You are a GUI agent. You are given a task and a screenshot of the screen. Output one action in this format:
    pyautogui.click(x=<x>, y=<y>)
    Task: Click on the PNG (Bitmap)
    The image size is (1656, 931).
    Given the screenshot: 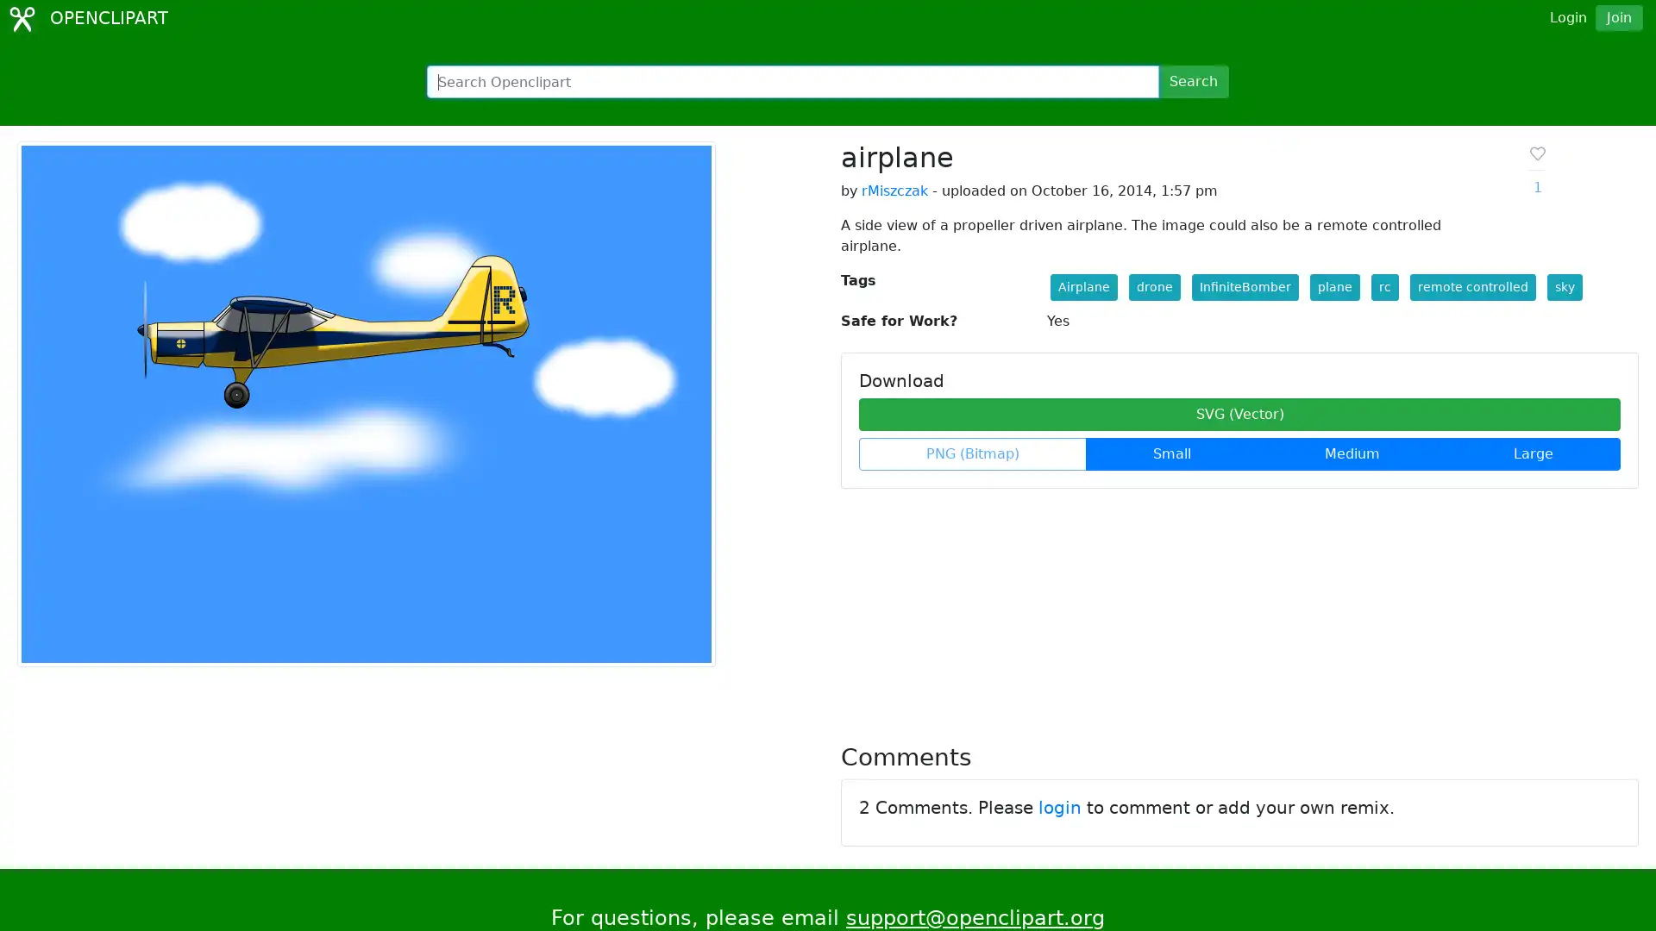 What is the action you would take?
    pyautogui.click(x=973, y=453)
    